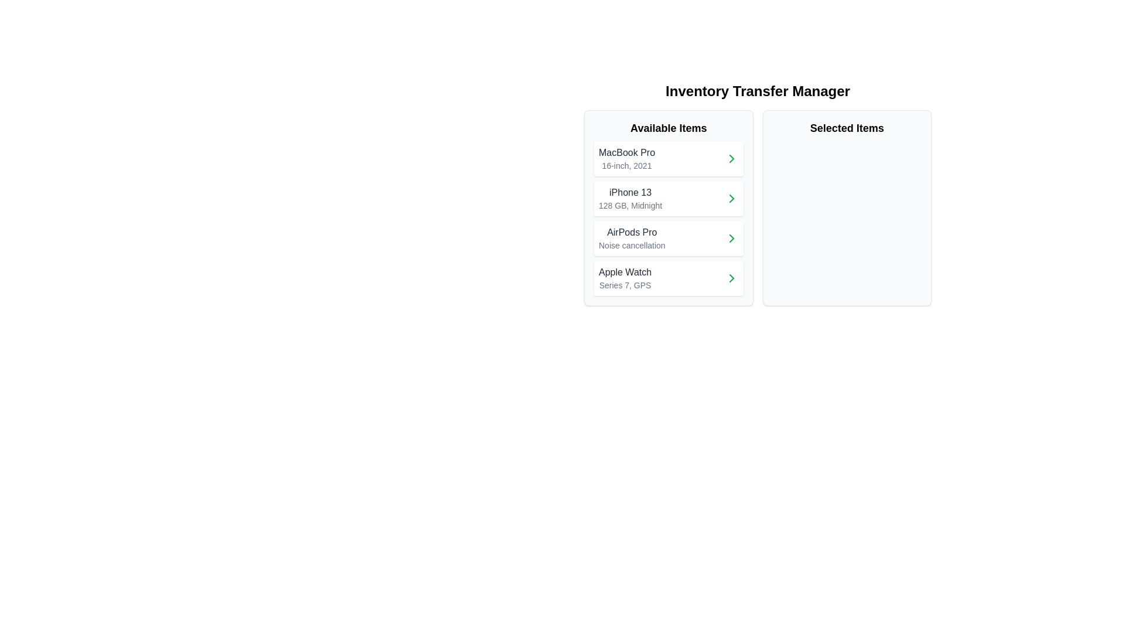 The width and height of the screenshot is (1125, 633). Describe the element at coordinates (758, 90) in the screenshot. I see `the bold heading 'Inventory Transfer Manager' which is prominently displayed at the top of the interface, centered horizontally above the sections labeled 'Available Items' and 'Selected Items'` at that location.